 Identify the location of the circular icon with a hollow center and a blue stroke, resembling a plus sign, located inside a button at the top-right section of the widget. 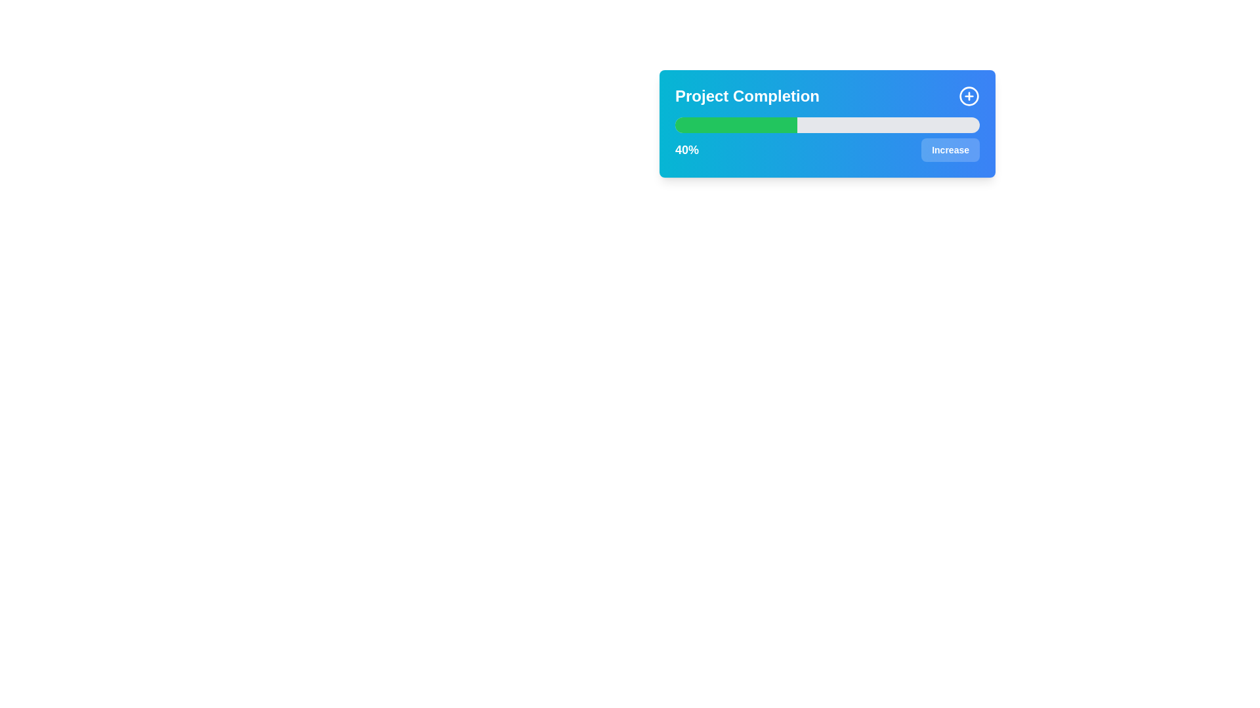
(969, 95).